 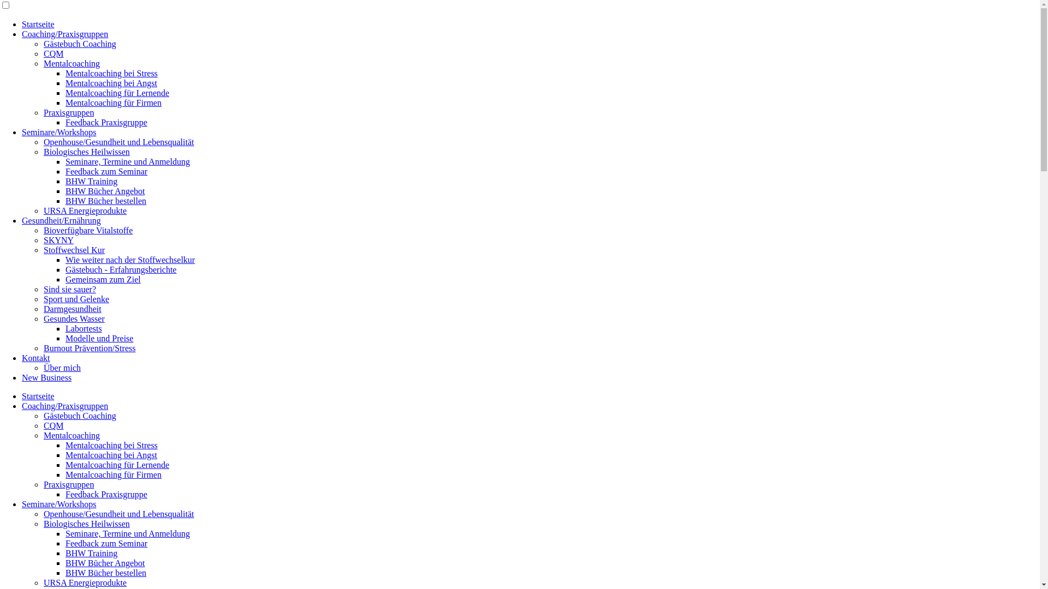 I want to click on 'Biologisches Heilwissen', so click(x=44, y=152).